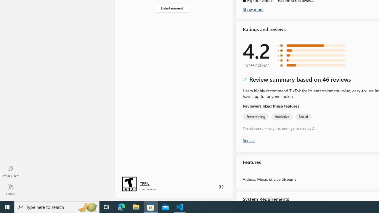  Describe the element at coordinates (144, 183) in the screenshot. I see `'Age rating: TEEN. Click for more information.'` at that location.